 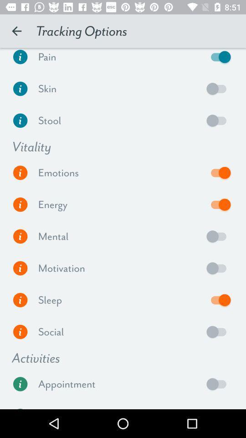 I want to click on the sleep button, so click(x=218, y=299).